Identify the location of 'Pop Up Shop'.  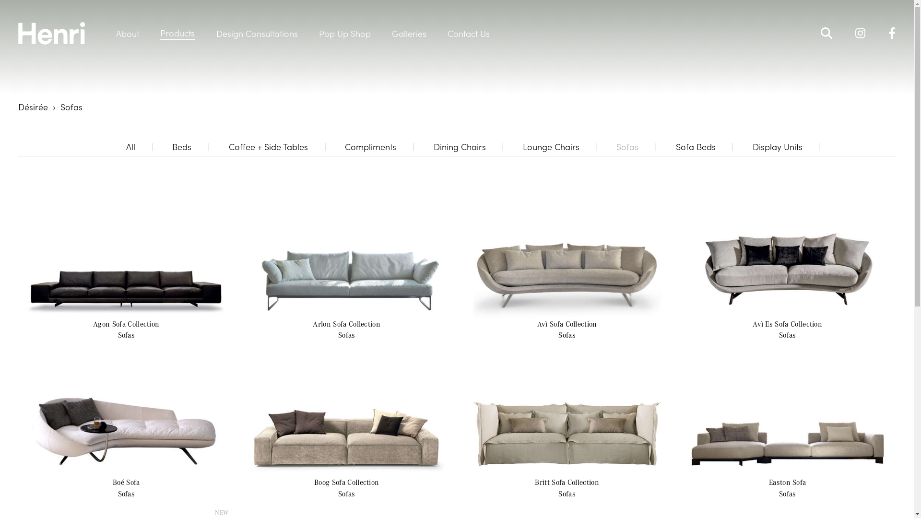
(345, 33).